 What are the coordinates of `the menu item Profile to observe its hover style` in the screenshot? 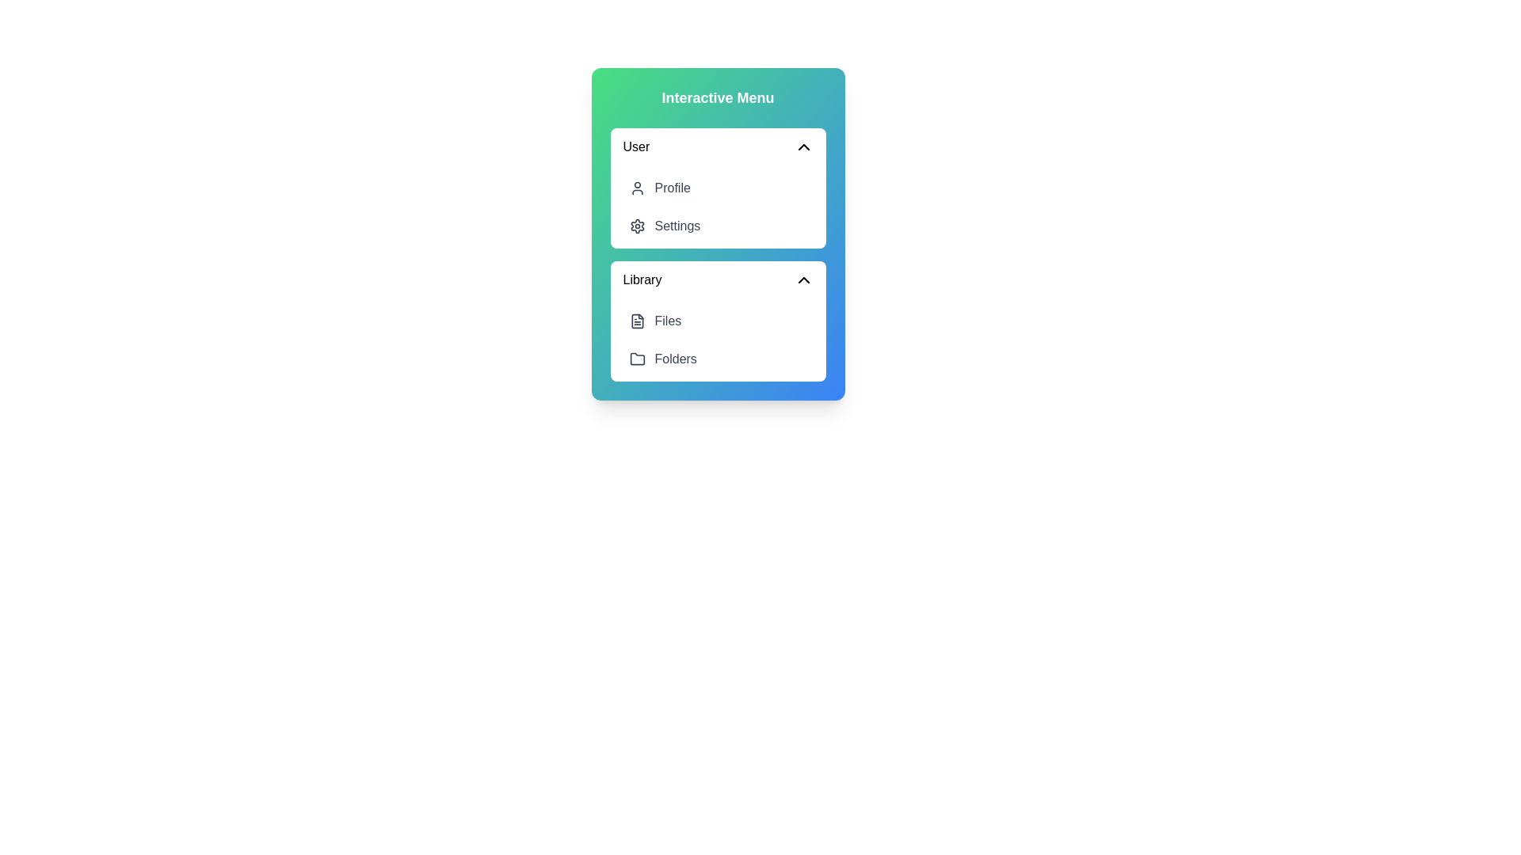 It's located at (717, 188).